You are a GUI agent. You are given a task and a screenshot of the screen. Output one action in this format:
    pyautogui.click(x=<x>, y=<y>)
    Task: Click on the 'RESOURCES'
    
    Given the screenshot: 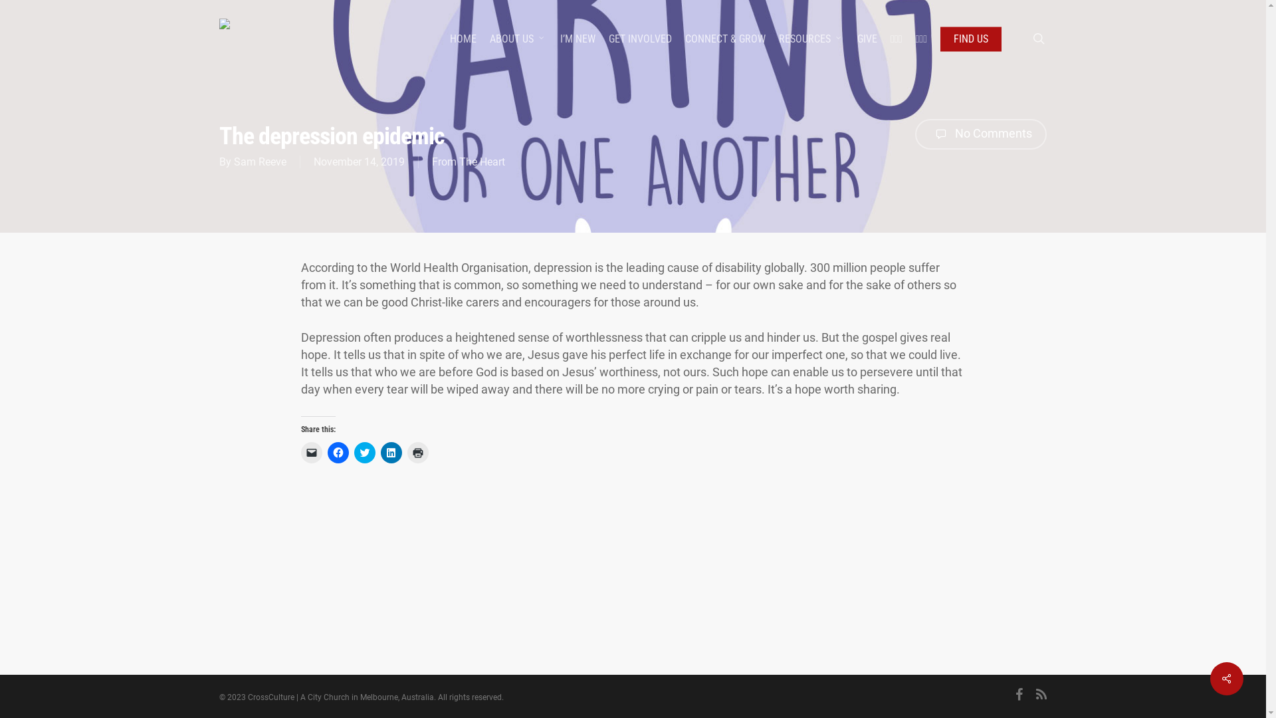 What is the action you would take?
    pyautogui.click(x=810, y=37)
    